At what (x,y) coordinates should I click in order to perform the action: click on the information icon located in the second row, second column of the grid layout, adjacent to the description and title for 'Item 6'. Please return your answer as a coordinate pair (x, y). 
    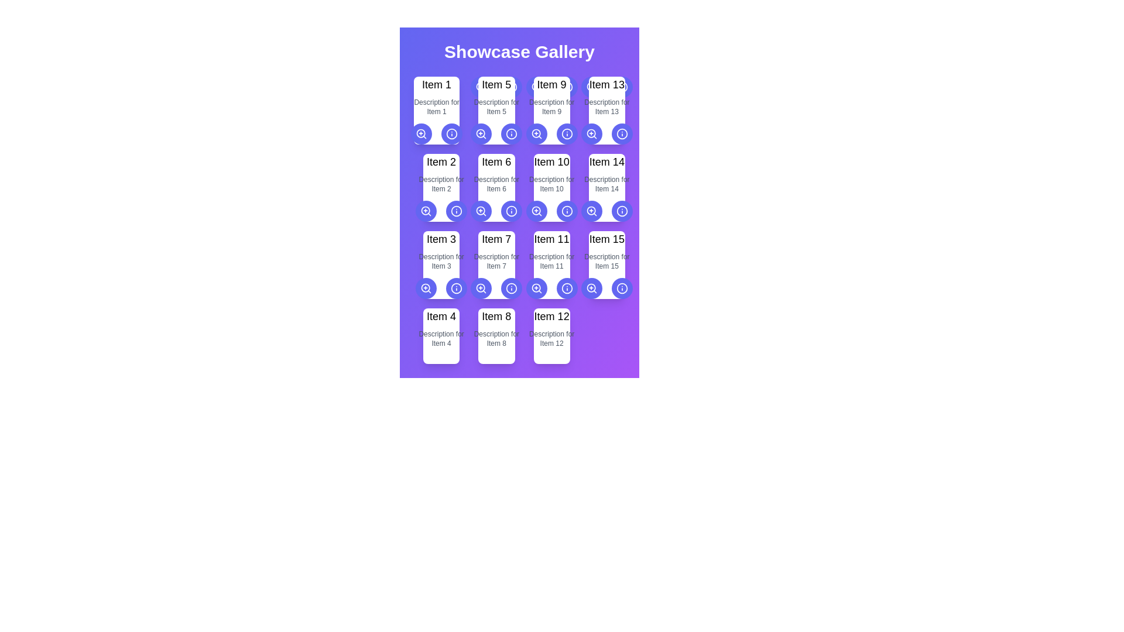
    Looking at the image, I should click on (456, 211).